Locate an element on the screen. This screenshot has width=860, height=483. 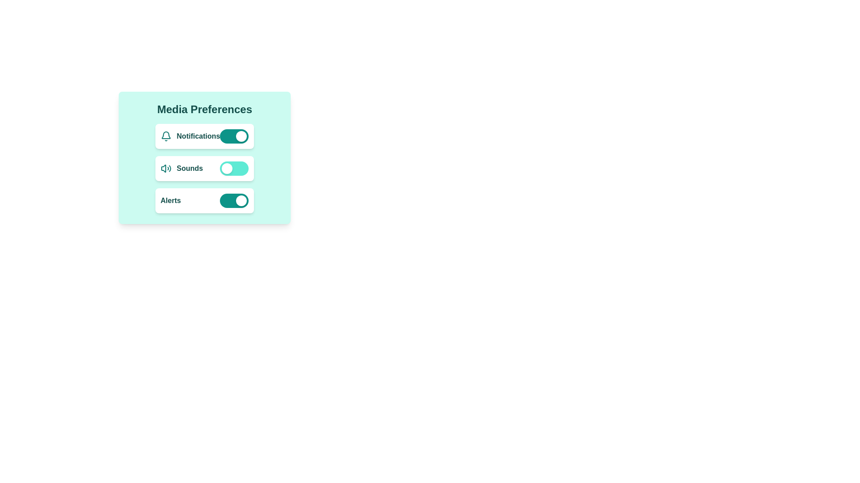
the List item with an interactive toggle switch labeled 'Sounds' is located at coordinates (204, 169).